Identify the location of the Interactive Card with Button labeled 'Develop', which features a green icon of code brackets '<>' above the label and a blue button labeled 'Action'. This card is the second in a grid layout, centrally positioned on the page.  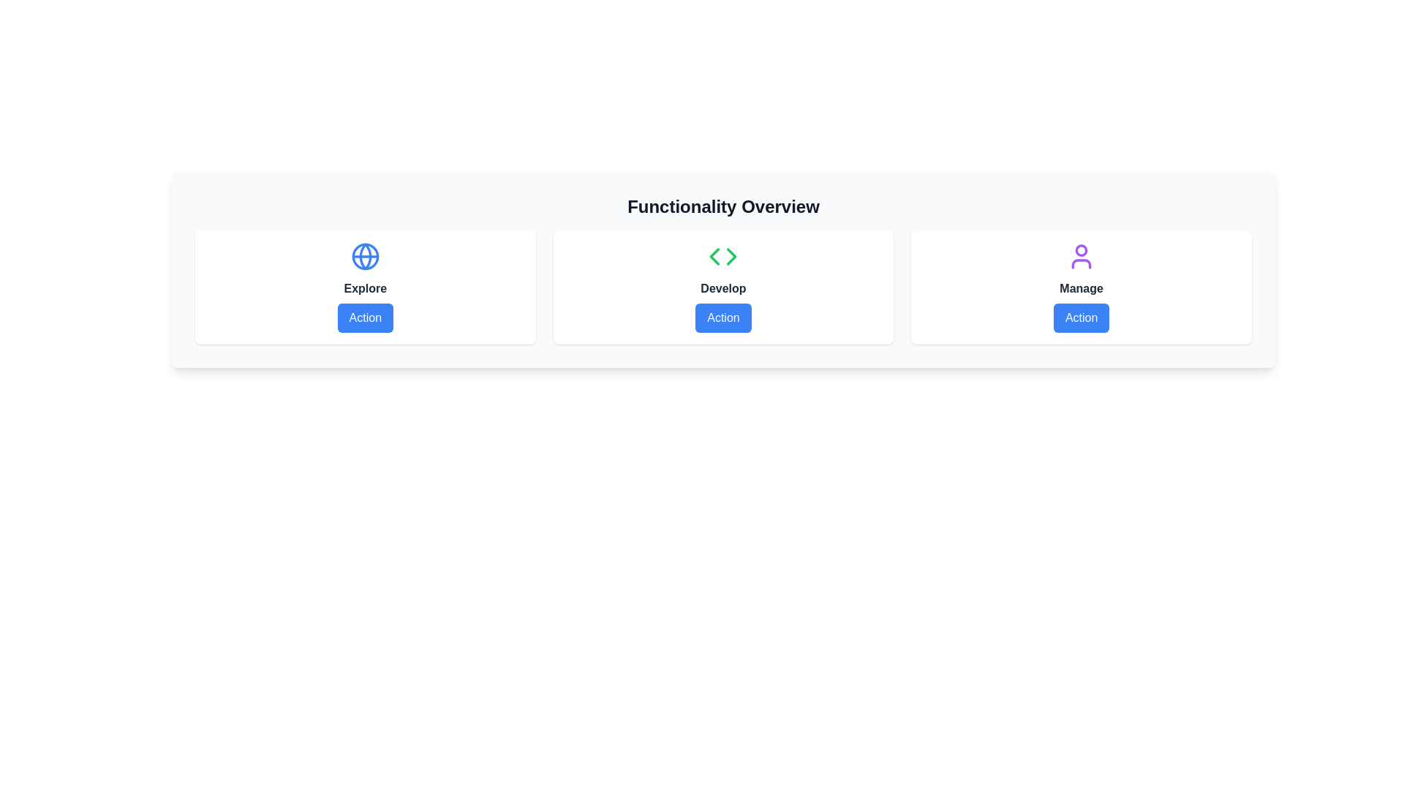
(723, 287).